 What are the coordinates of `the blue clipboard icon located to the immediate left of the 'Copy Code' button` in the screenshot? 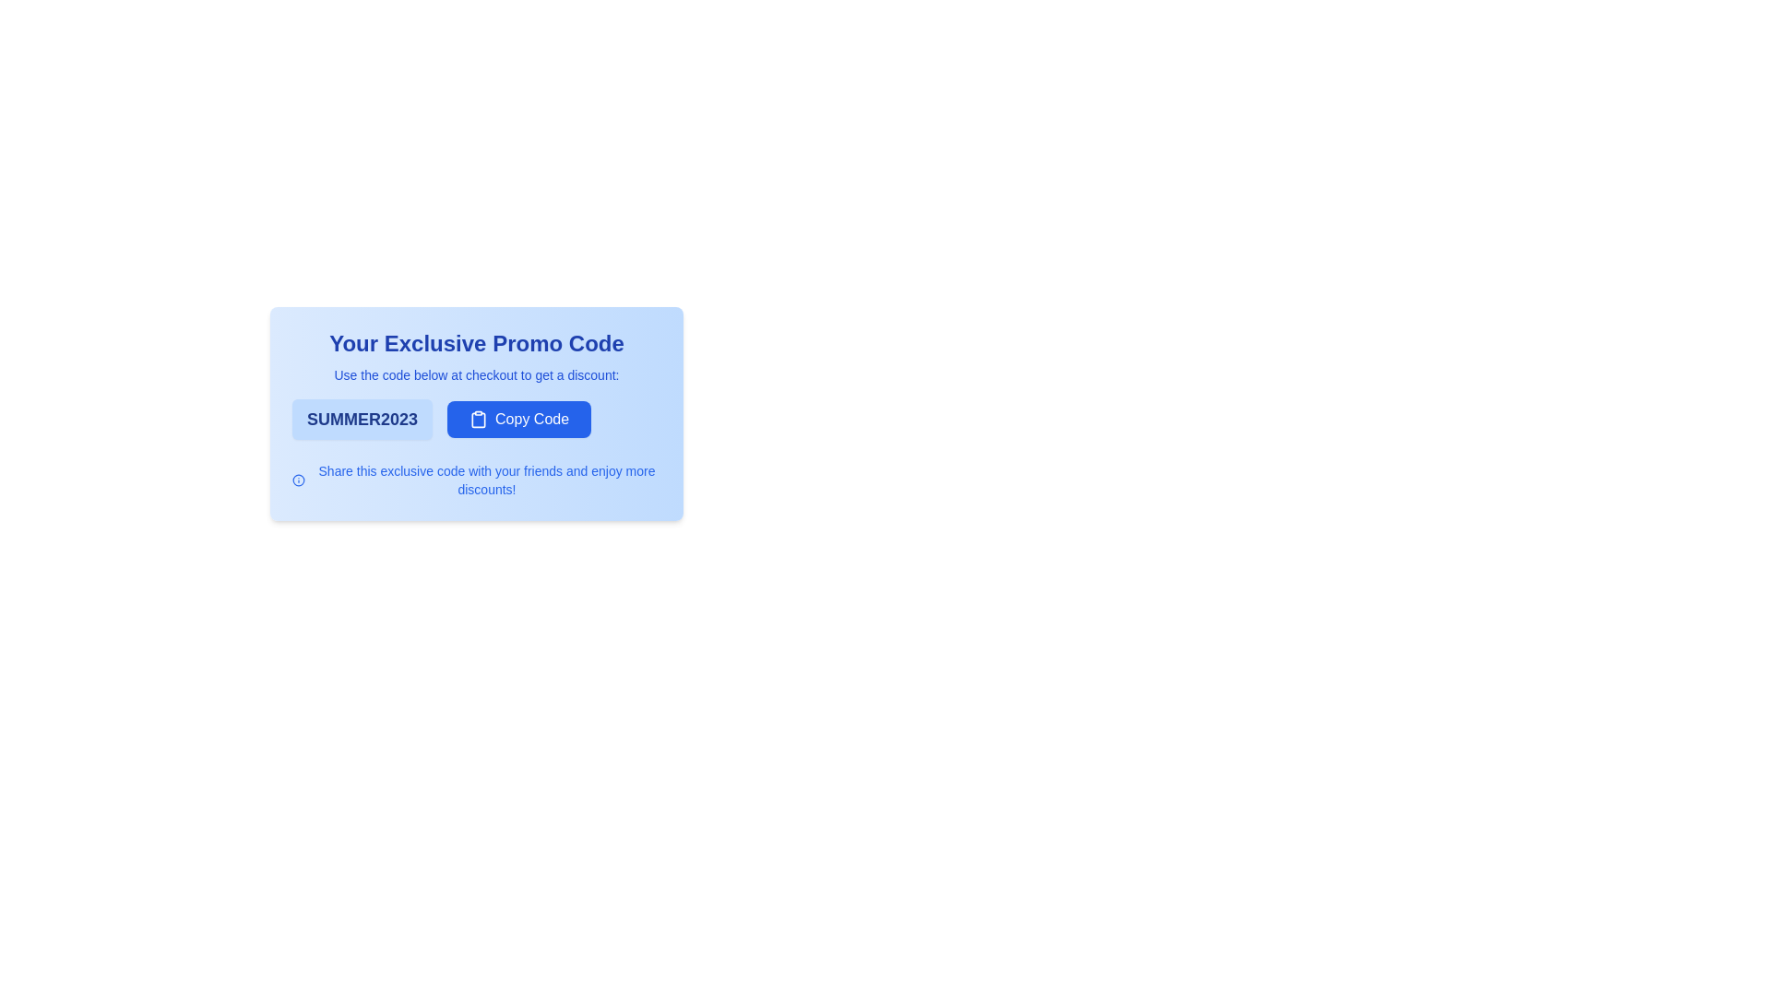 It's located at (478, 420).